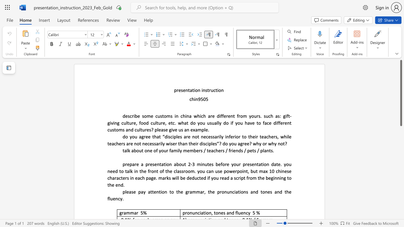  I want to click on the scrollbar on the right, so click(401, 163).